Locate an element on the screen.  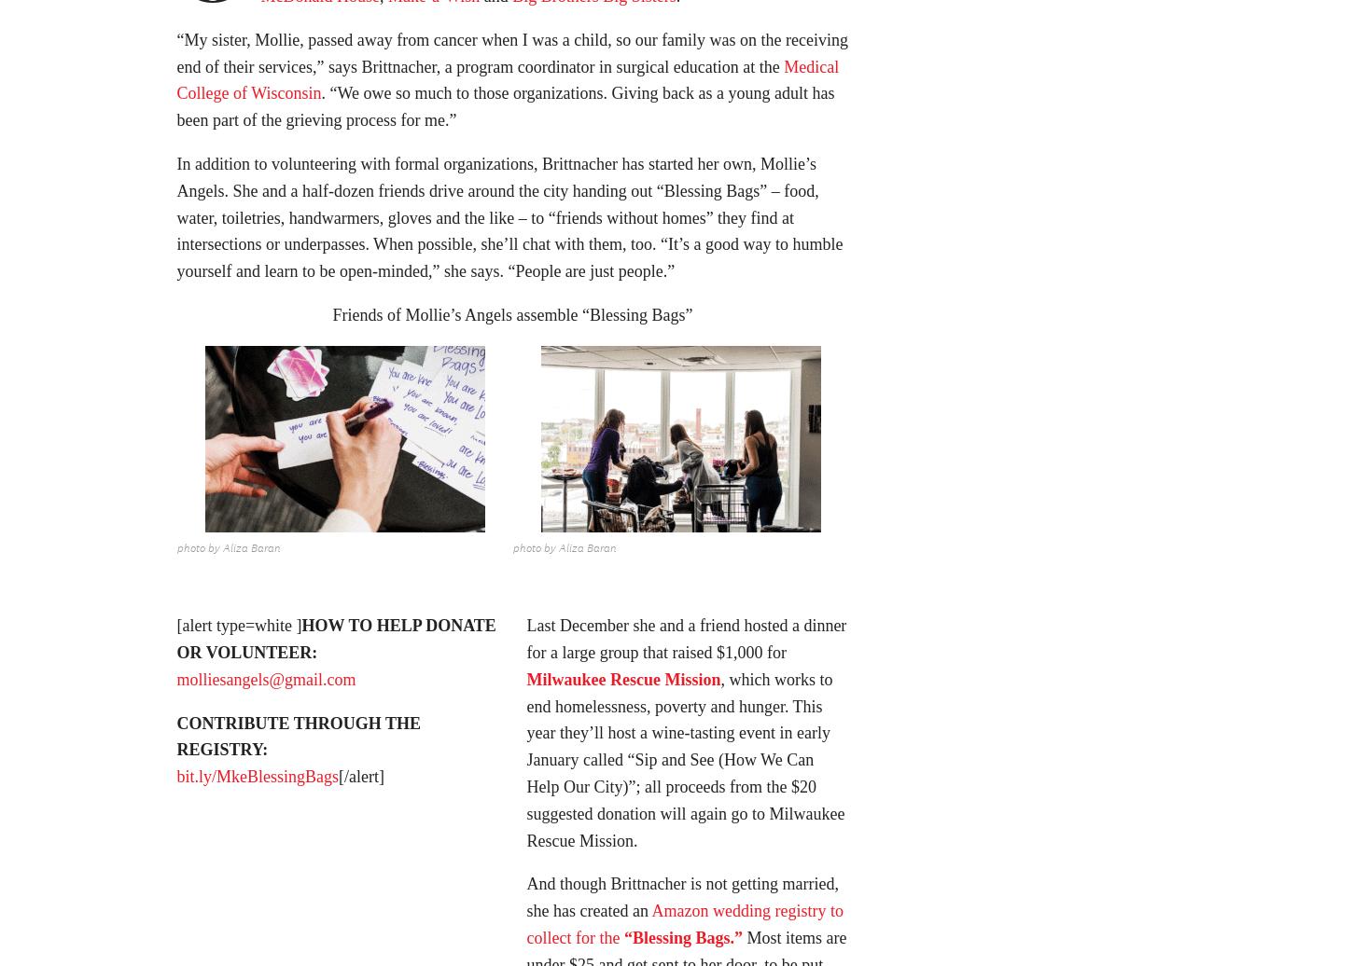
'molliesangels@gmail.com' is located at coordinates (266, 685).